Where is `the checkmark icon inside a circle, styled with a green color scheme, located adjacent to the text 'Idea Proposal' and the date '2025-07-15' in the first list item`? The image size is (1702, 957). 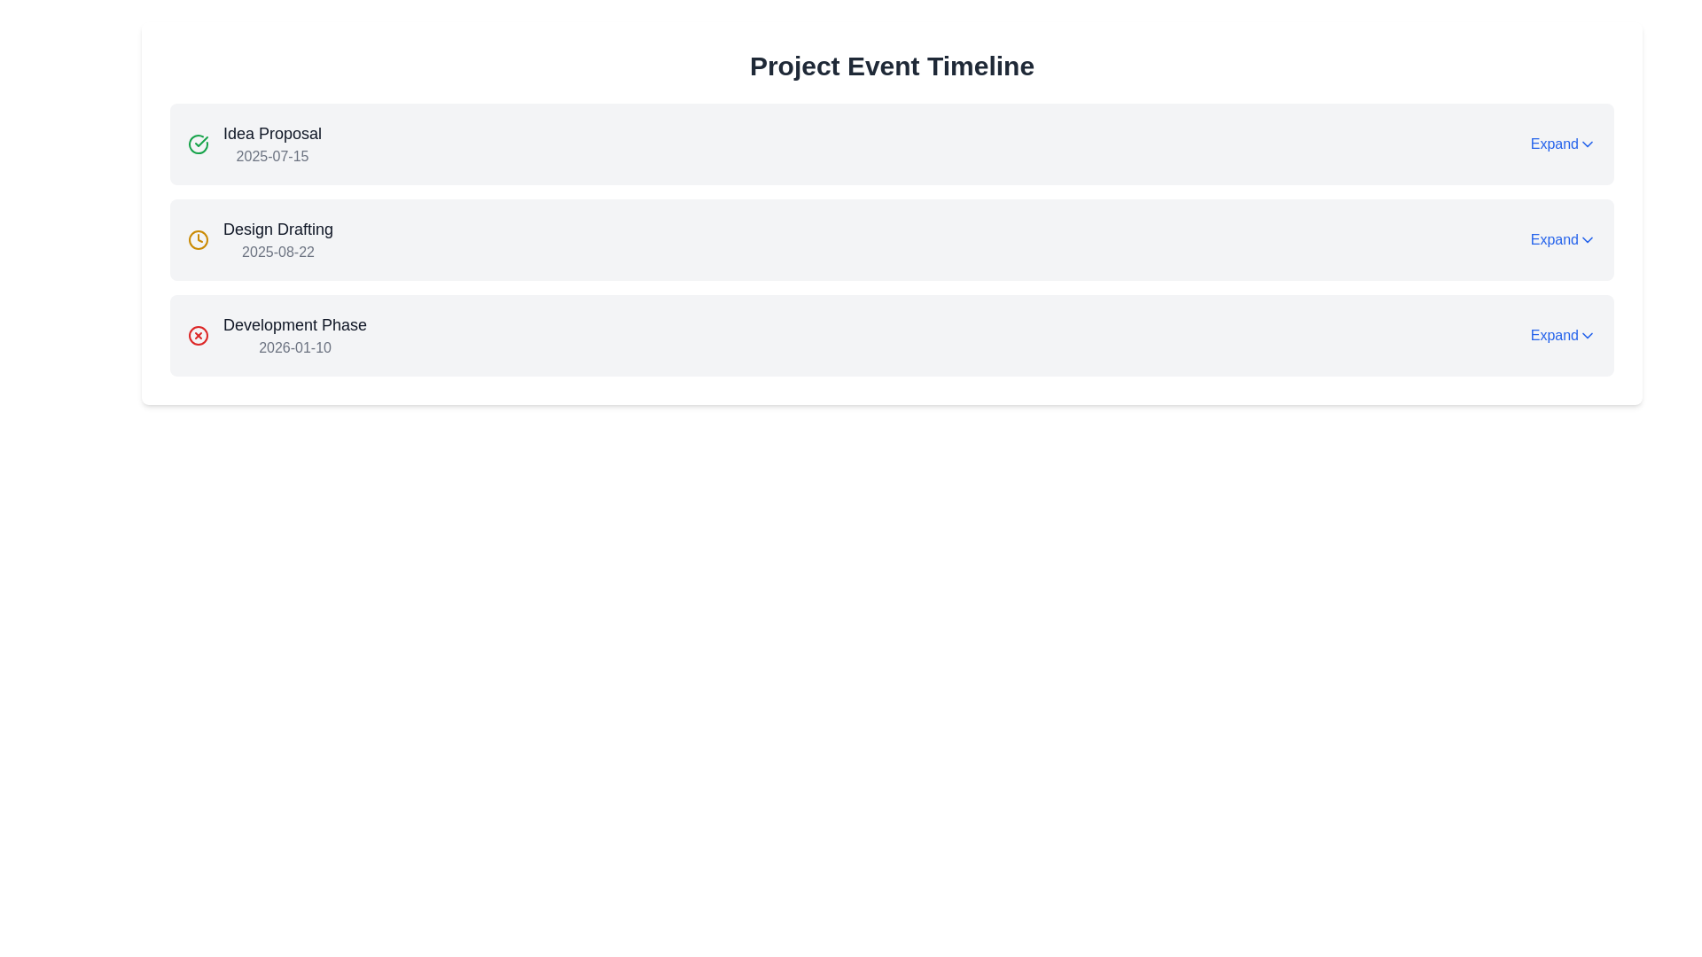 the checkmark icon inside a circle, styled with a green color scheme, located adjacent to the text 'Idea Proposal' and the date '2025-07-15' in the first list item is located at coordinates (199, 143).